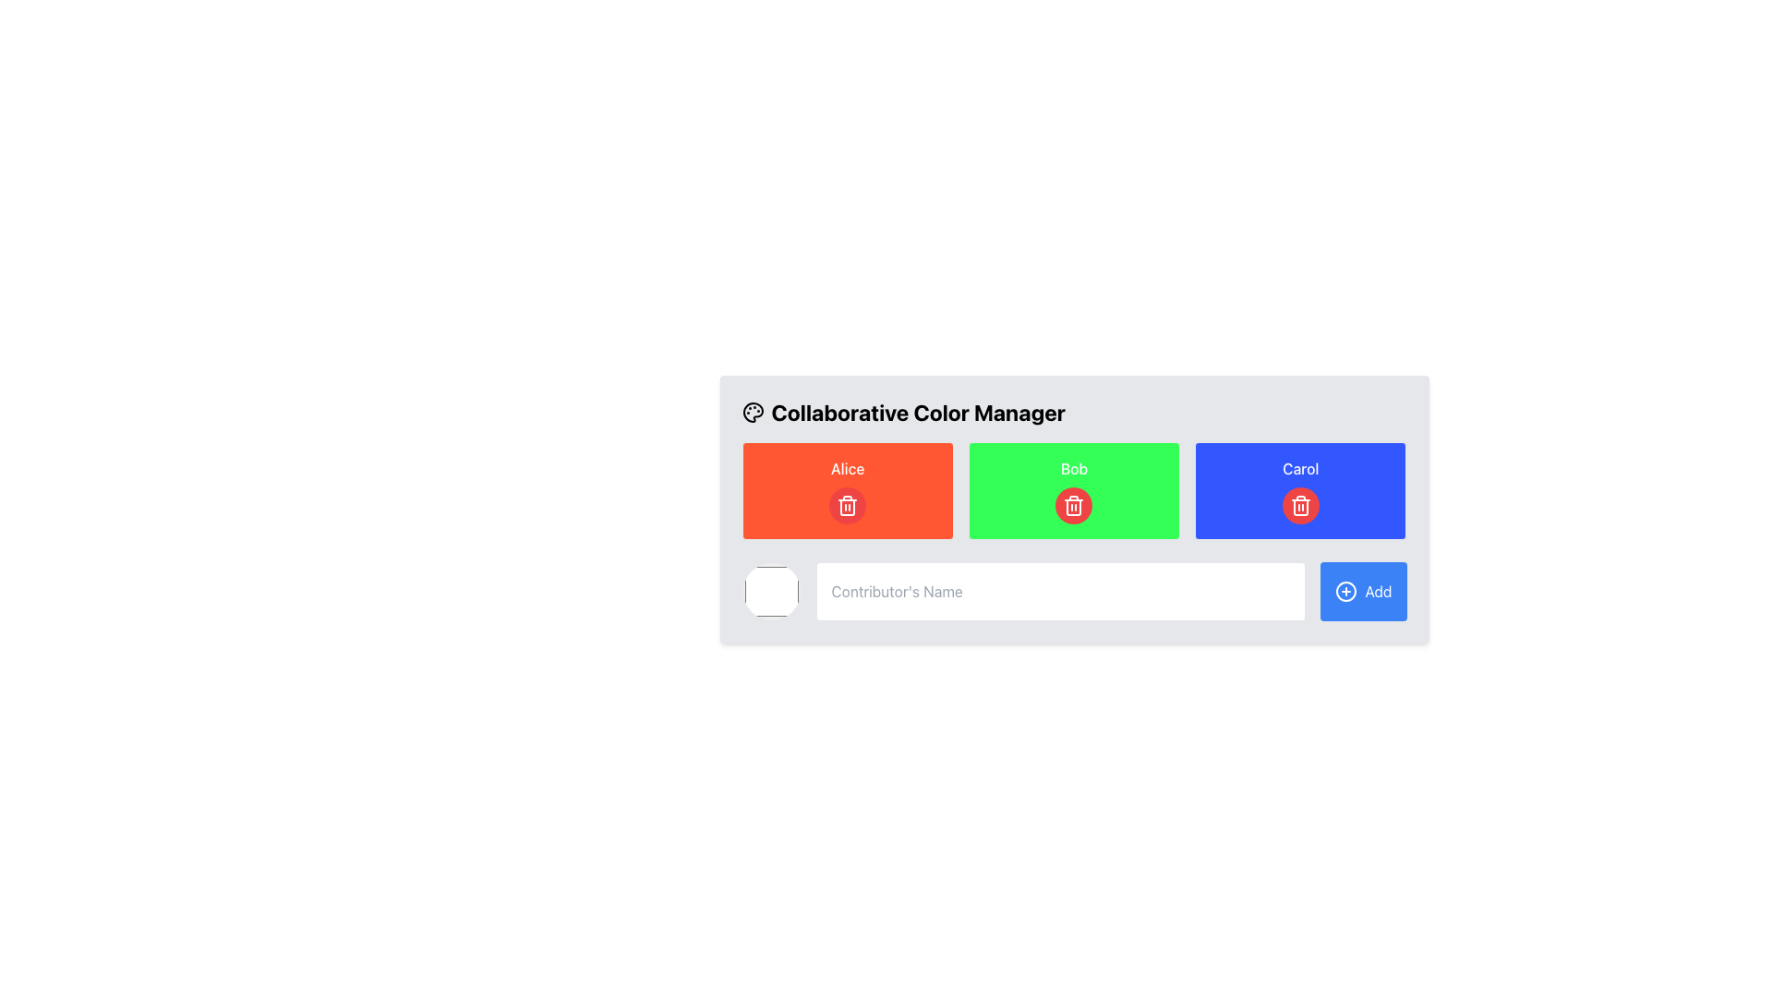 The height and width of the screenshot is (997, 1773). What do you see at coordinates (1074, 505) in the screenshot?
I see `the circular red button with a trash bin icon centered on it` at bounding box center [1074, 505].